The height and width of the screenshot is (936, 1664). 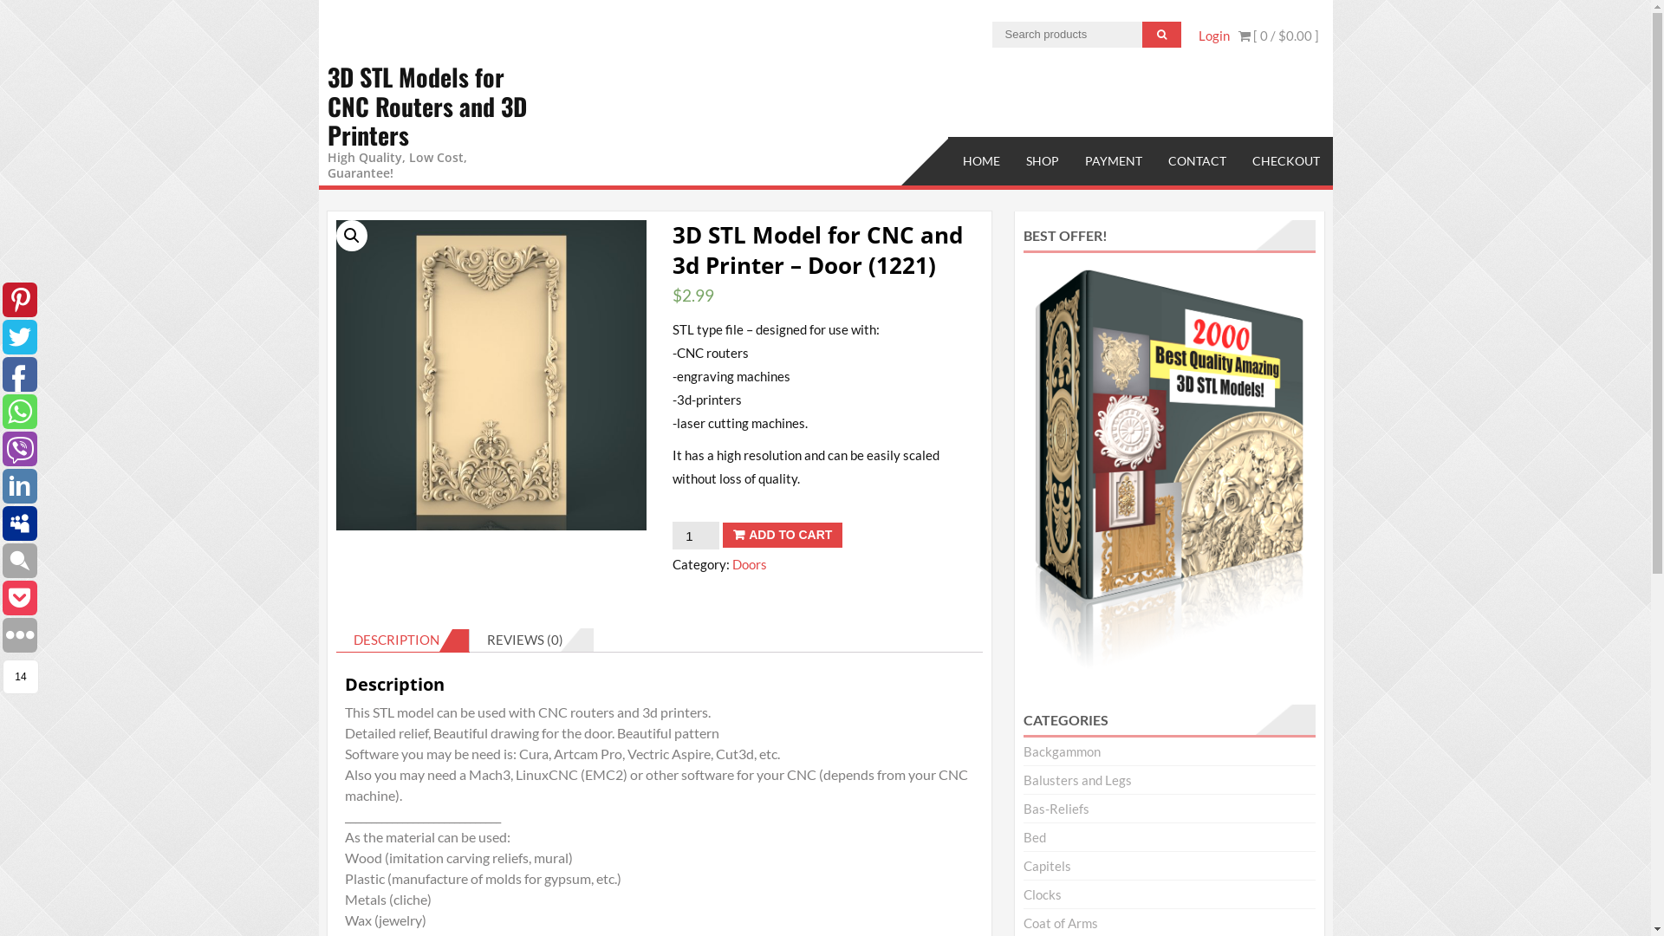 What do you see at coordinates (3, 485) in the screenshot?
I see `'Share LinkedIn'` at bounding box center [3, 485].